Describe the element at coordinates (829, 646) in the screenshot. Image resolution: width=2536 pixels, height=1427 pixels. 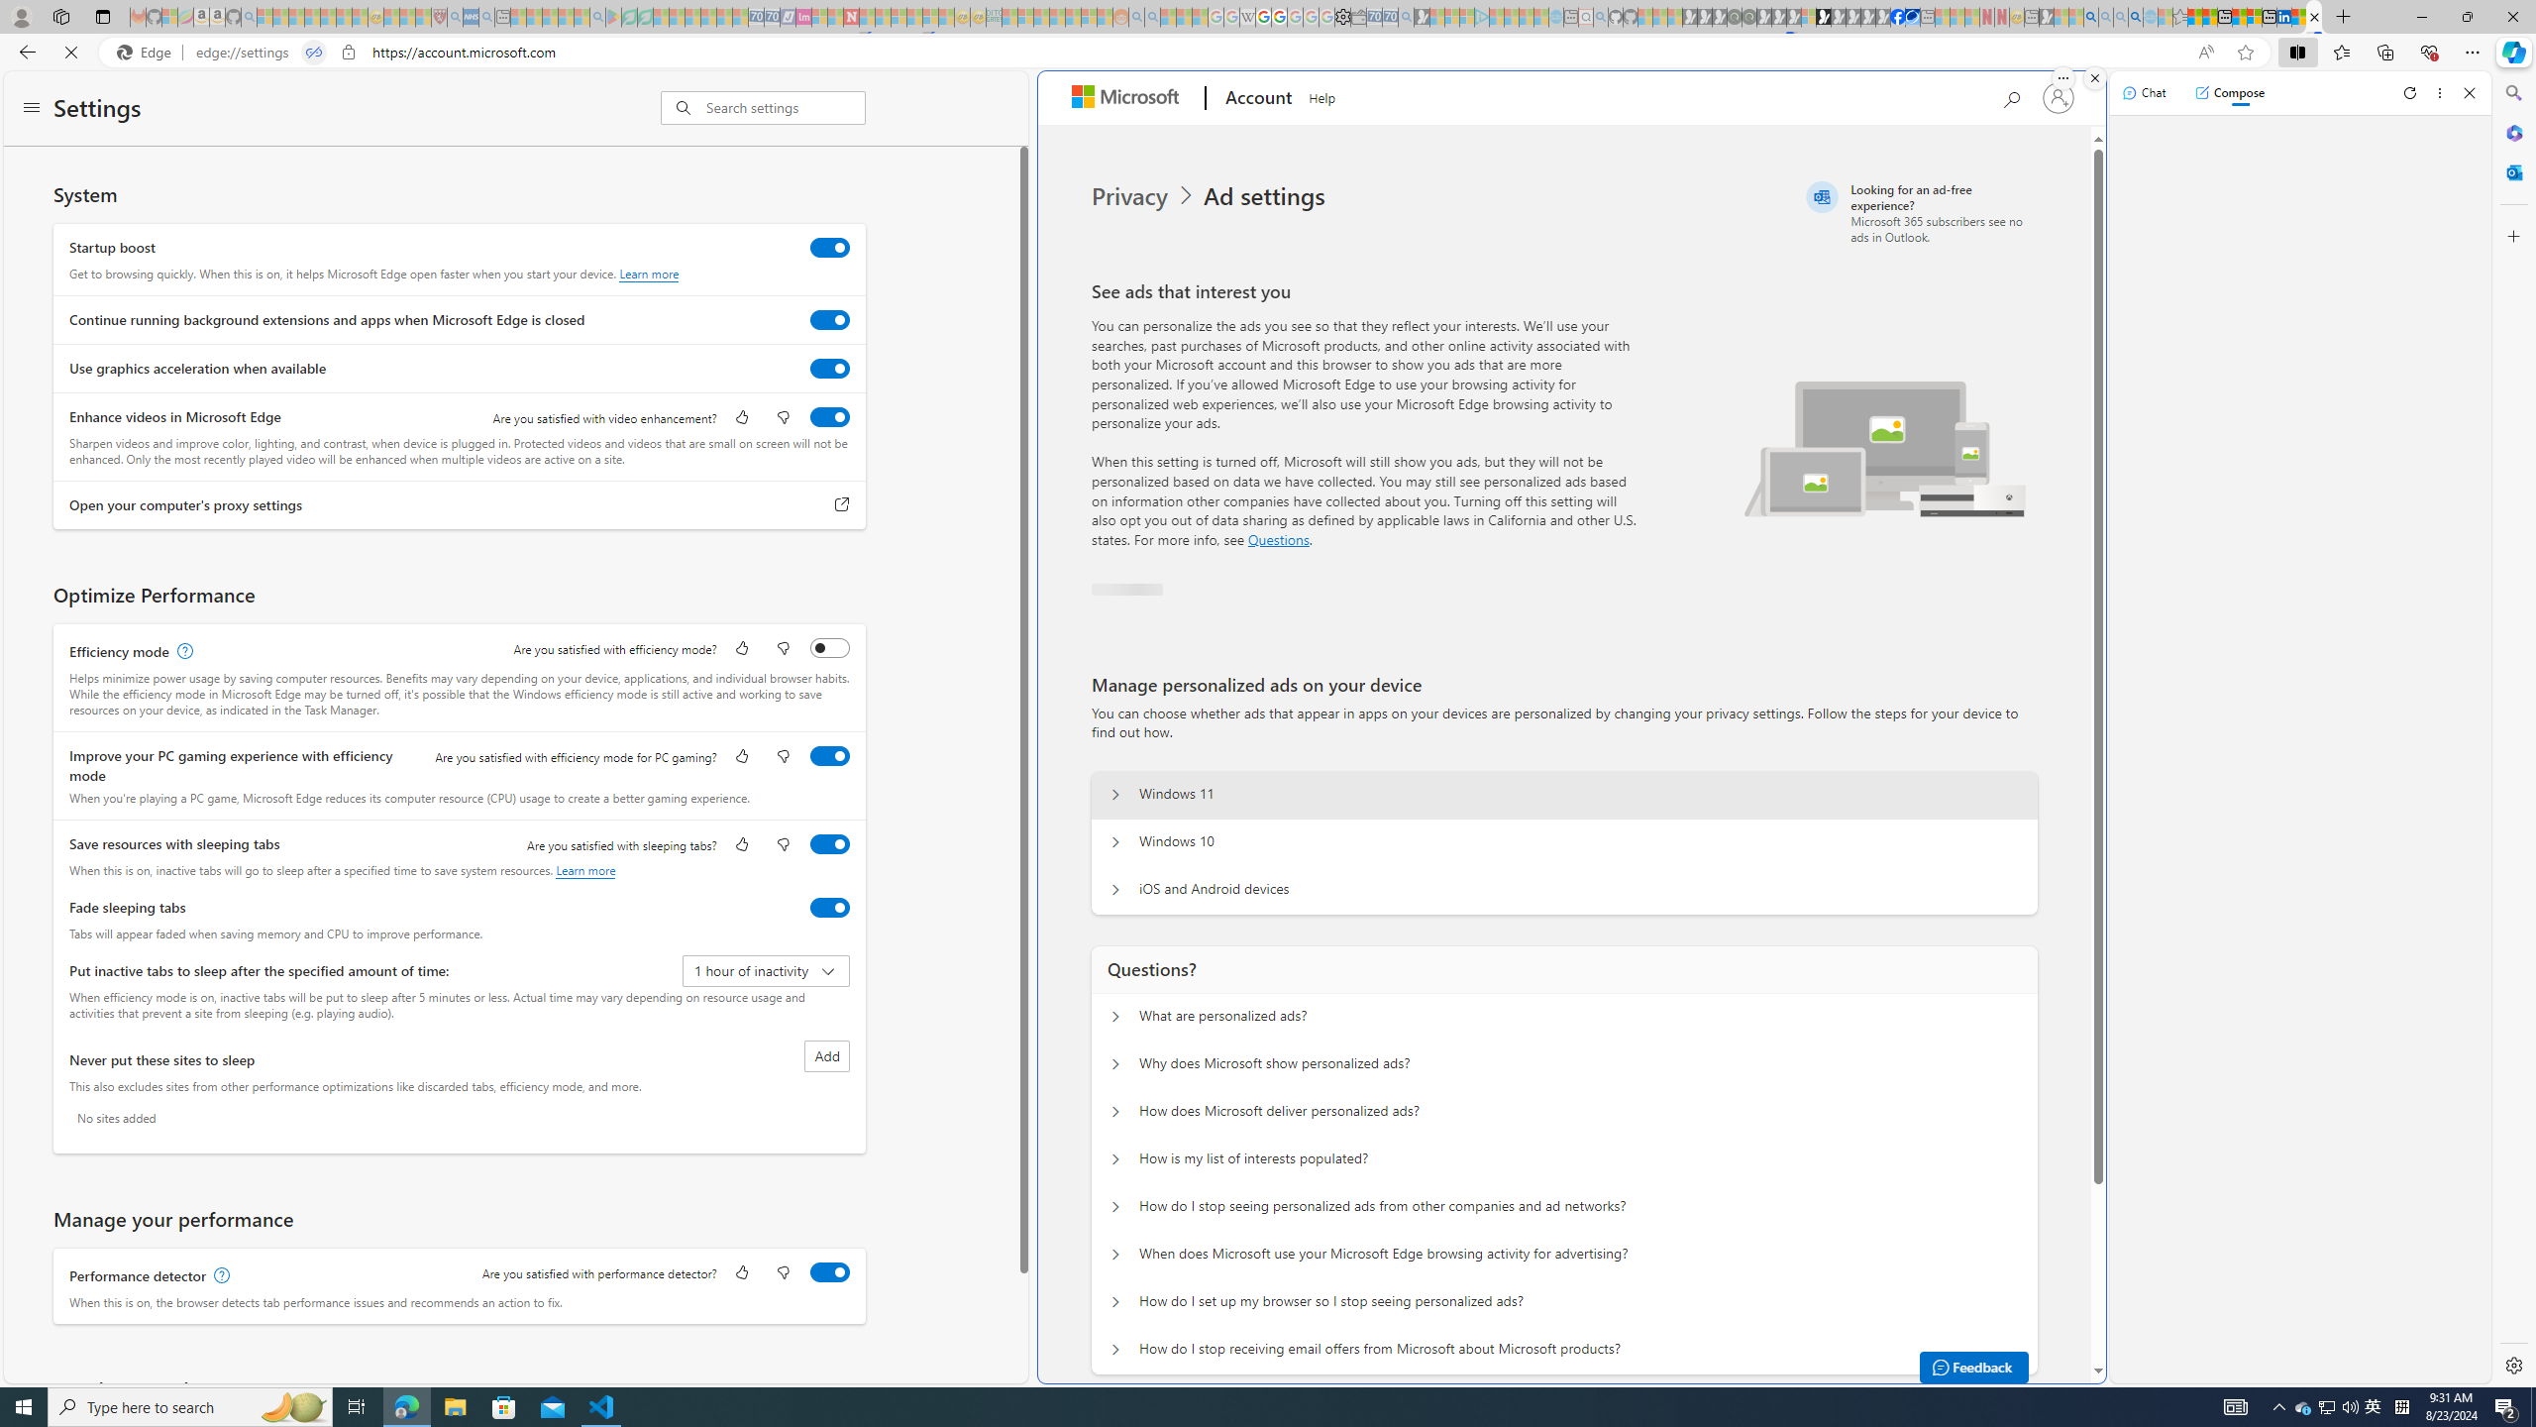
I see `'Efficiency mode'` at that location.